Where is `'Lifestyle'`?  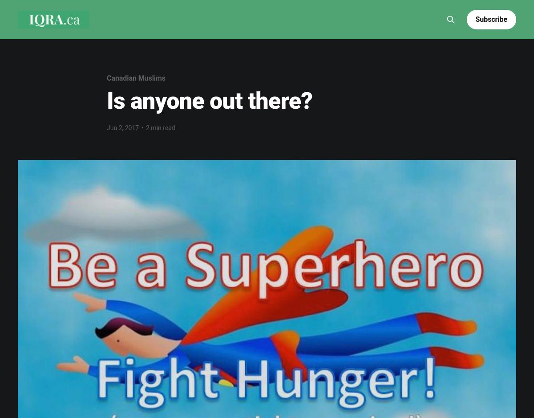
'Lifestyle' is located at coordinates (276, 6).